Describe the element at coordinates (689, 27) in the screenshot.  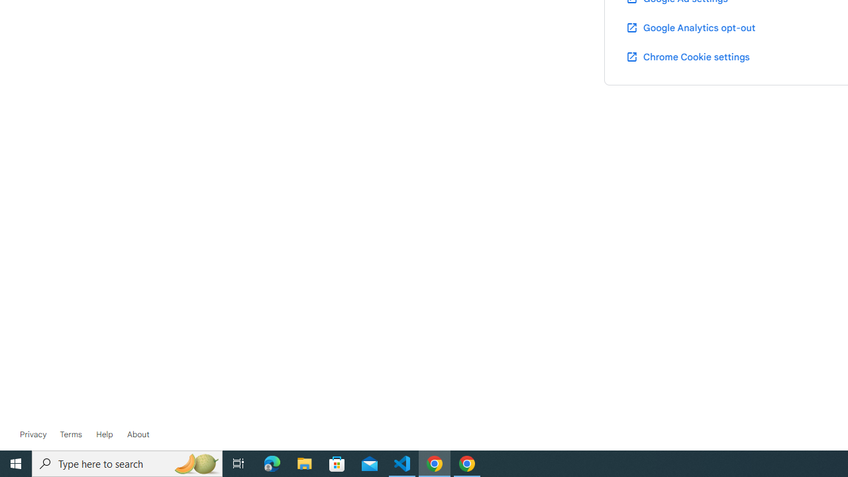
I see `'Google Analytics opt-out'` at that location.